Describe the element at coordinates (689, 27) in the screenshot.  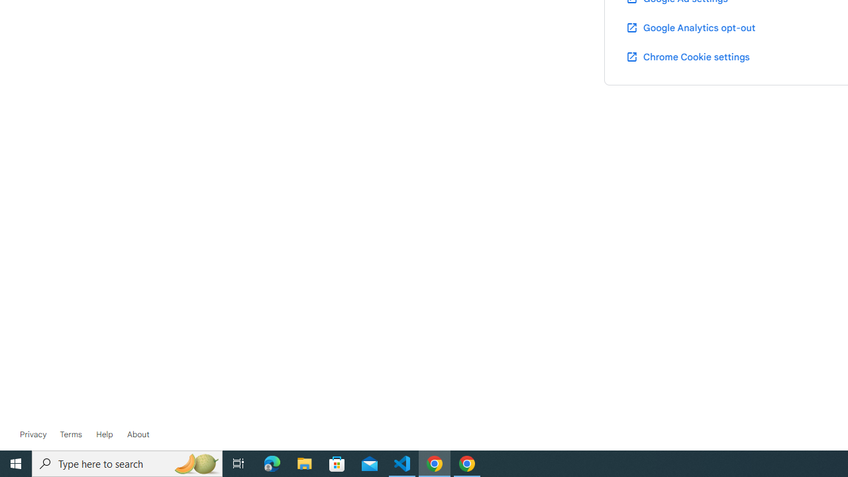
I see `'Google Analytics opt-out'` at that location.